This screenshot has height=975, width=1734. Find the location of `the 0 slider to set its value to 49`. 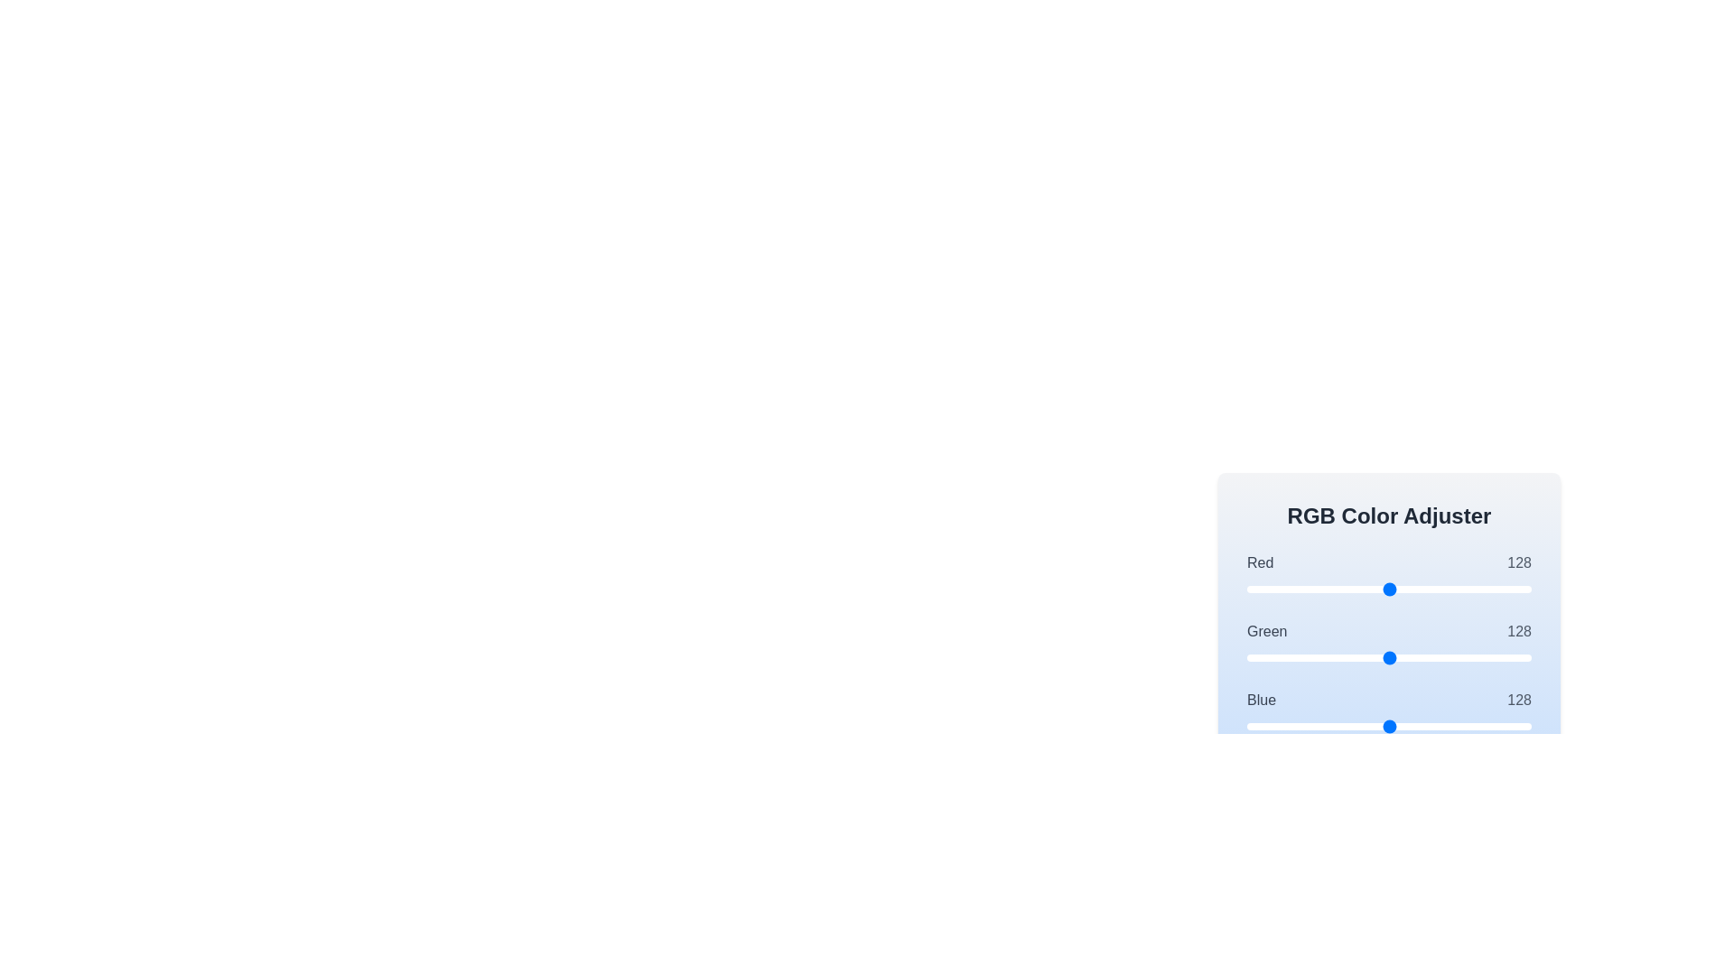

the 0 slider to set its value to 49 is located at coordinates (1301, 589).